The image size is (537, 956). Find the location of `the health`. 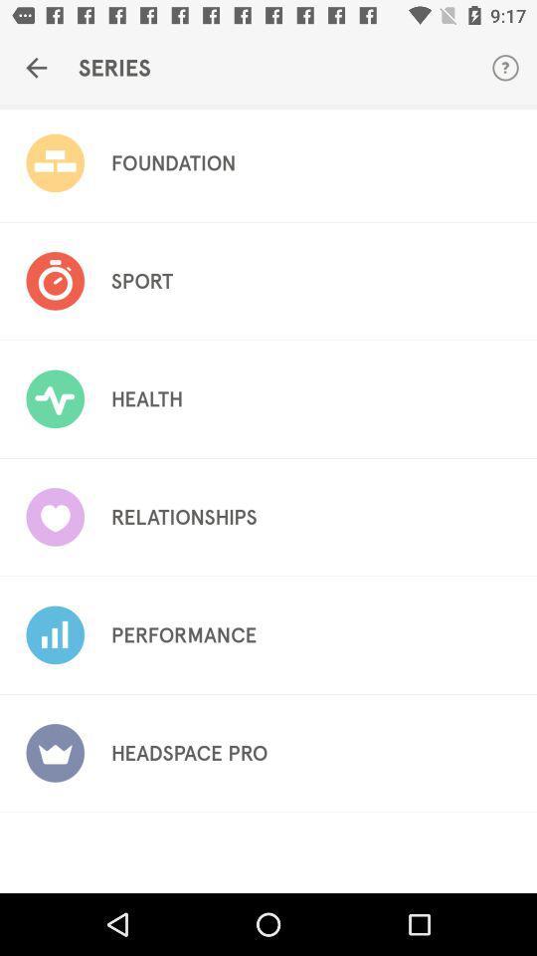

the health is located at coordinates (146, 398).